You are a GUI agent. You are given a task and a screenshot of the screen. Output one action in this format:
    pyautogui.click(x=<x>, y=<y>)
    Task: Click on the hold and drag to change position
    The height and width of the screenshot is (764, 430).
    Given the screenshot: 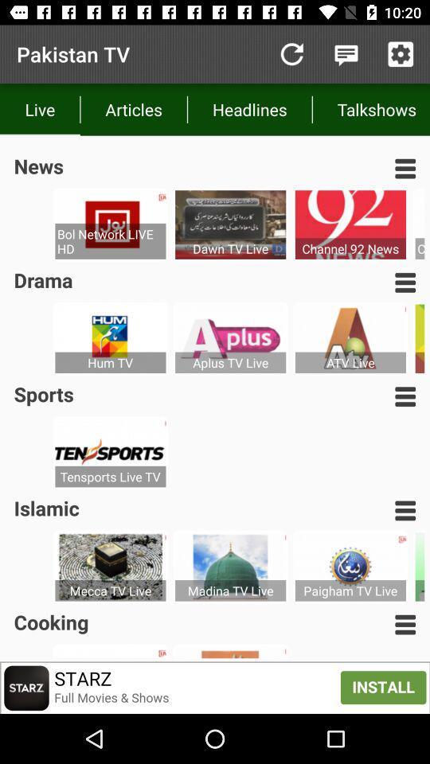 What is the action you would take?
    pyautogui.click(x=405, y=624)
    